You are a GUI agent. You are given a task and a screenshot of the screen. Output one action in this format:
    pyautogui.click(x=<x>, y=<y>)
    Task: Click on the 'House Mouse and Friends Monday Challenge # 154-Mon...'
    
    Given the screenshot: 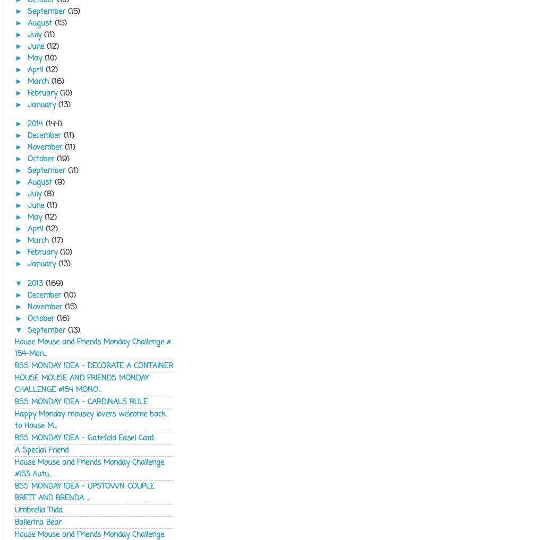 What is the action you would take?
    pyautogui.click(x=92, y=346)
    